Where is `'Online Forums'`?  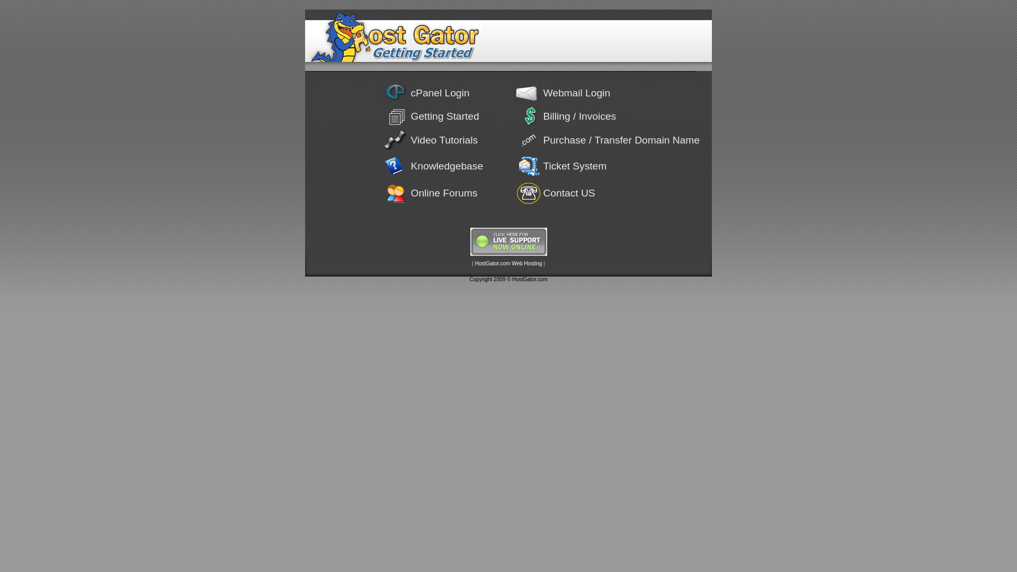 'Online Forums' is located at coordinates (444, 193).